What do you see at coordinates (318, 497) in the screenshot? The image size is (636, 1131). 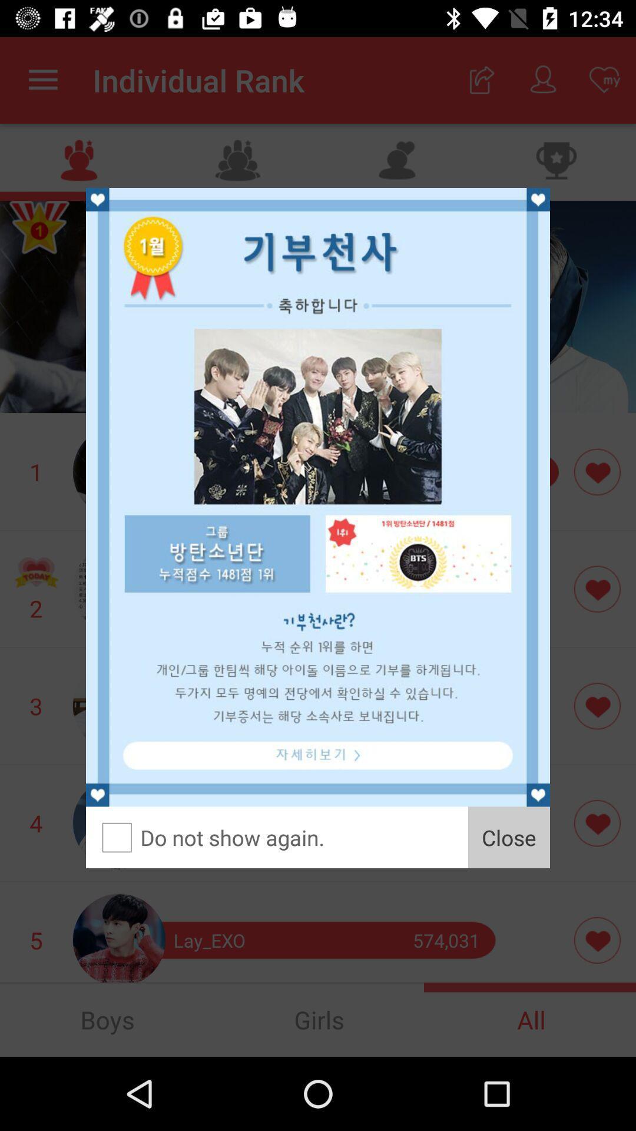 I see `for advertisement` at bounding box center [318, 497].